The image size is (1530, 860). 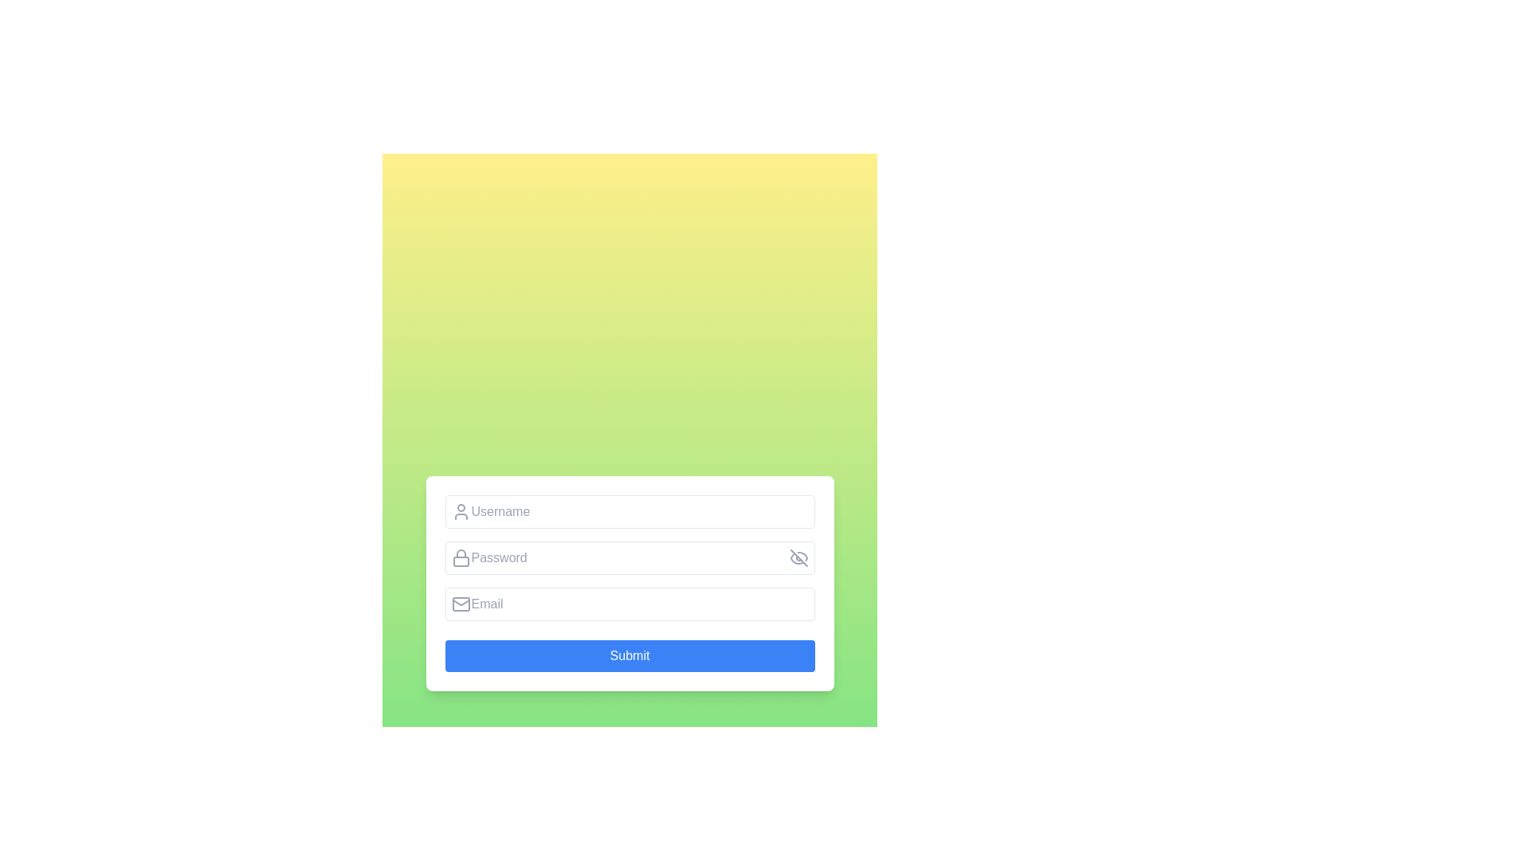 What do you see at coordinates (629, 656) in the screenshot?
I see `the rectangular blue button labeled 'Submit' located at the bottom of the form area` at bounding box center [629, 656].